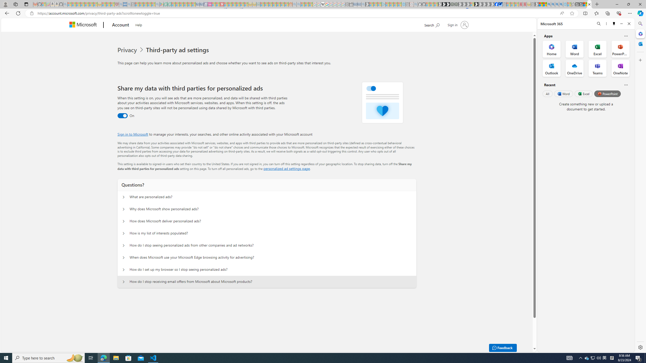  I want to click on 'MSN - Sleeping', so click(537, 4).